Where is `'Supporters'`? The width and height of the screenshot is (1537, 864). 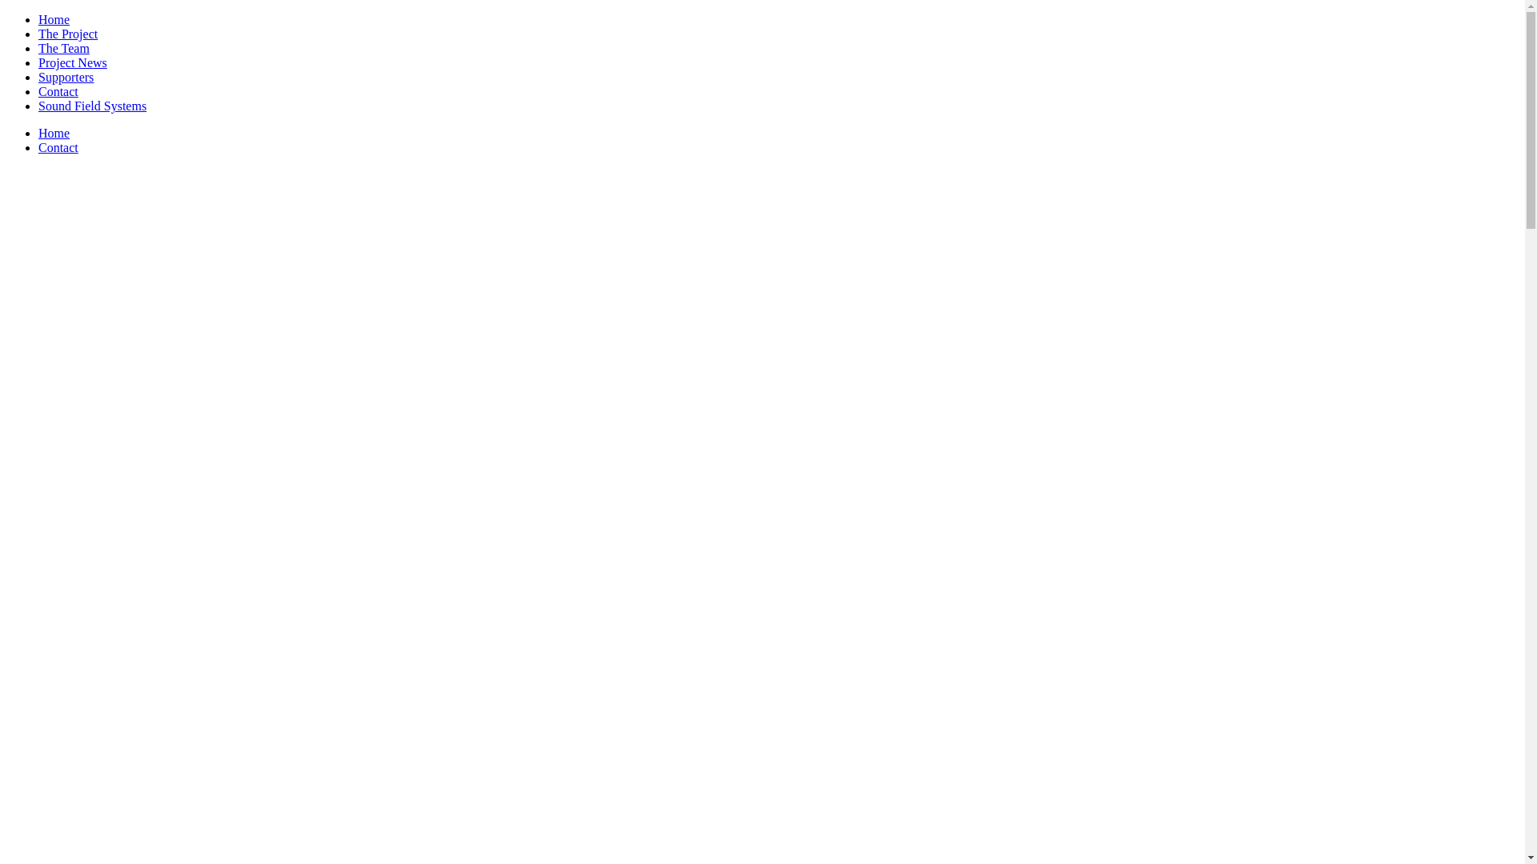 'Supporters' is located at coordinates (65, 77).